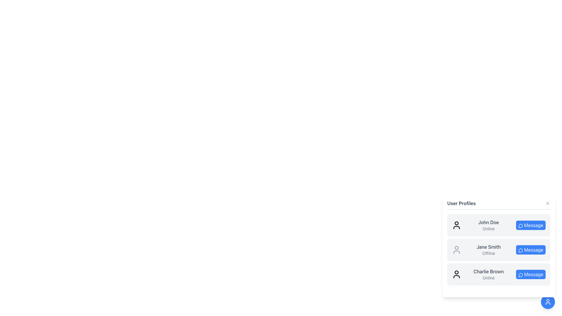  What do you see at coordinates (489, 277) in the screenshot?
I see `the online status label of user 'Charlie Brown' located next to the 'Message' button in the user profile section` at bounding box center [489, 277].